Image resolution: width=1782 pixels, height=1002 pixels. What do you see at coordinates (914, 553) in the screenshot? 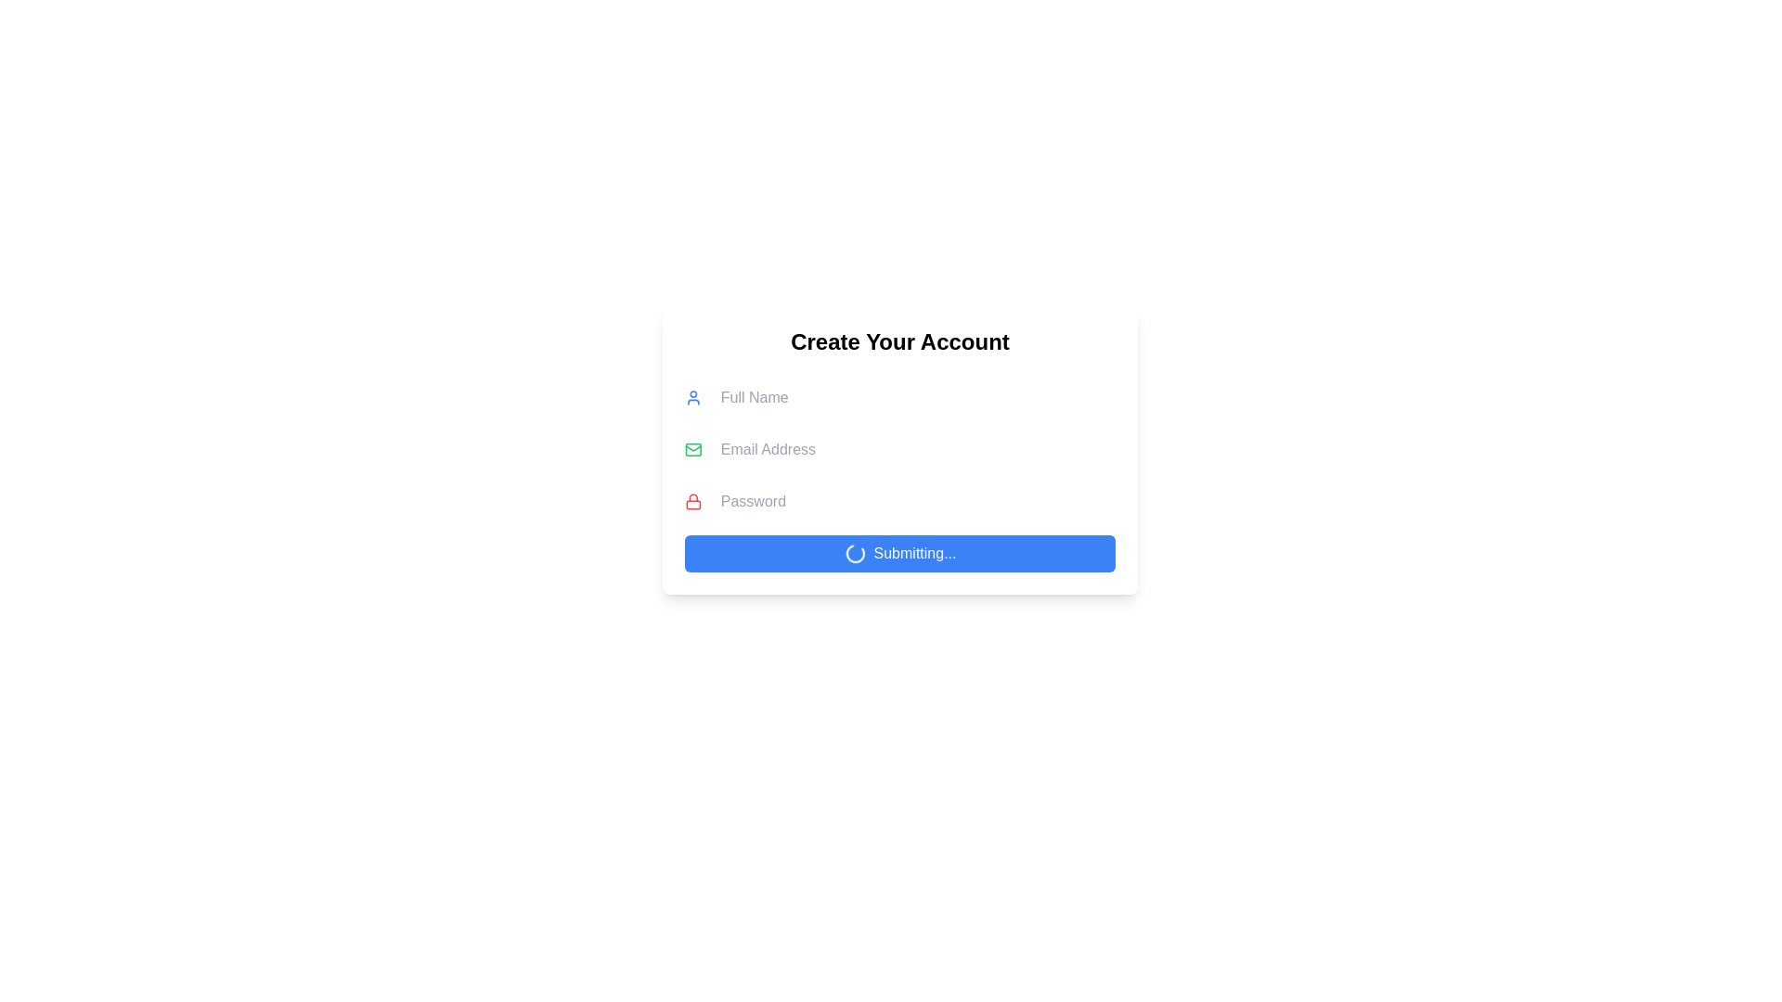
I see `loading text displayed on the blue rectangular button at the bottom of the 'Create Your Account' form, which indicates a processing action during form submission` at bounding box center [914, 553].